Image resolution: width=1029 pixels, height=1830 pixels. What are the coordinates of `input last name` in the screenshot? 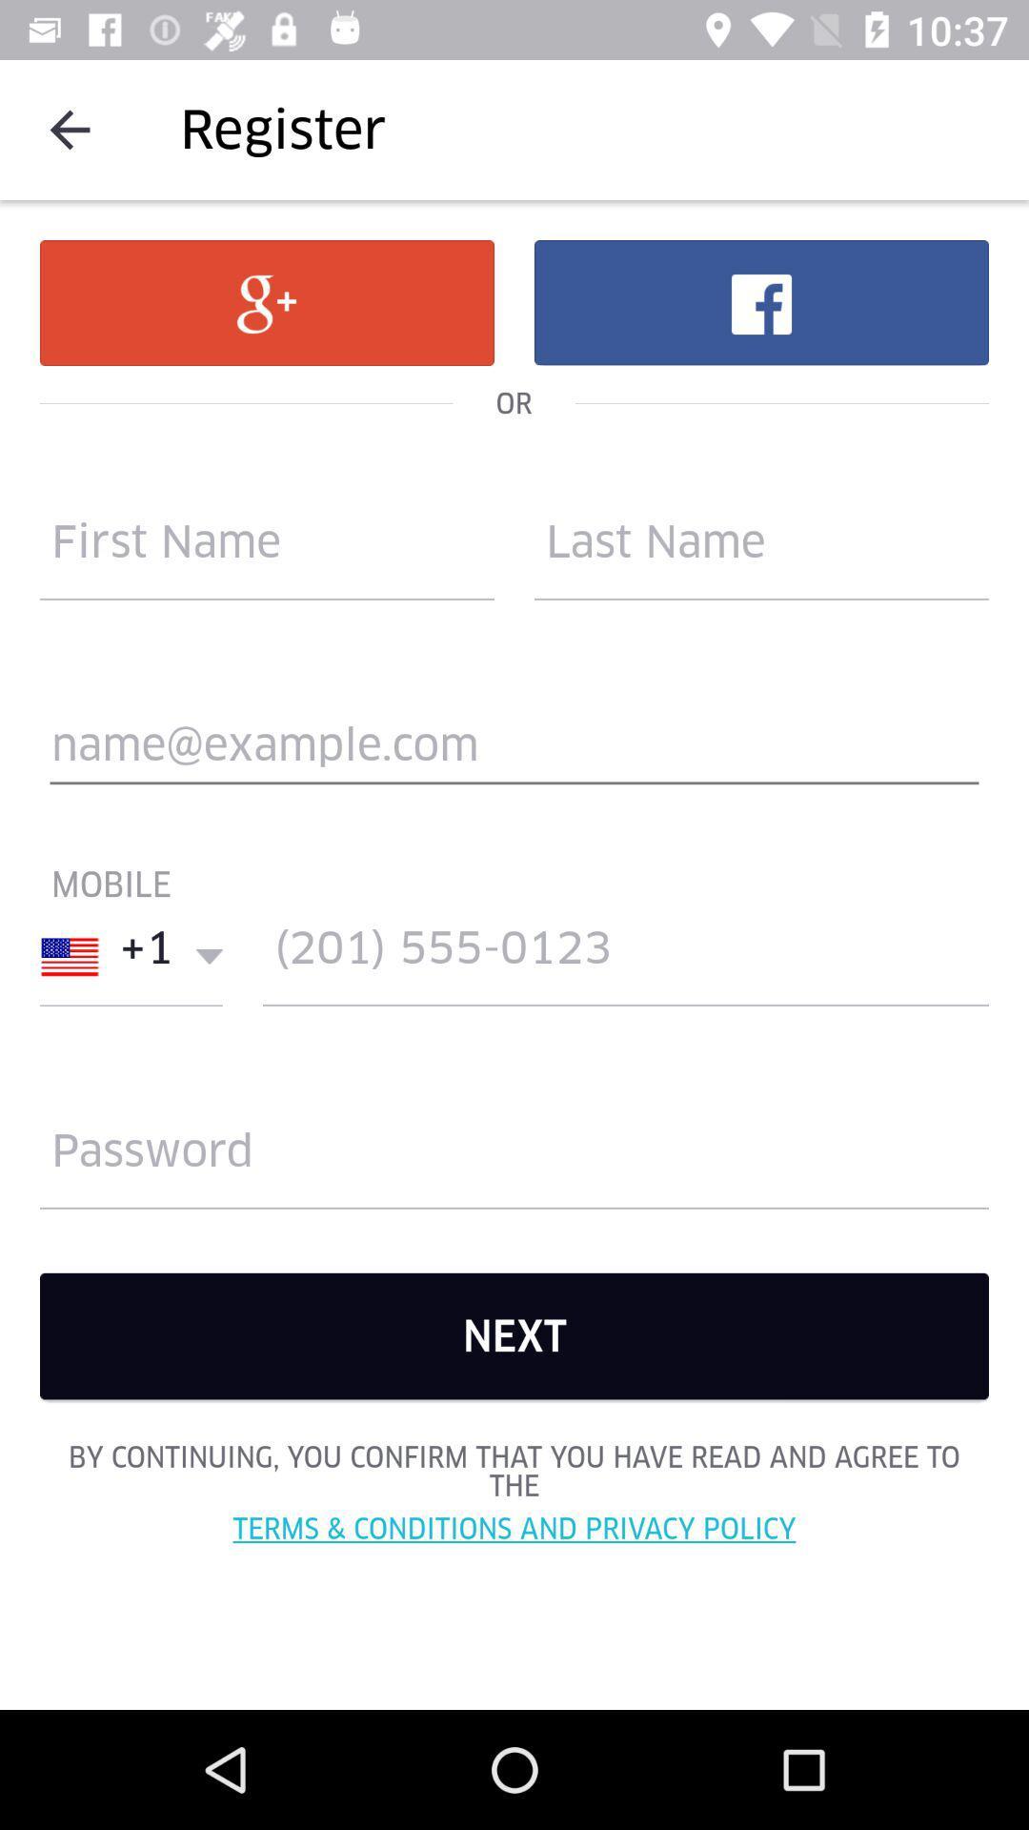 It's located at (760, 550).